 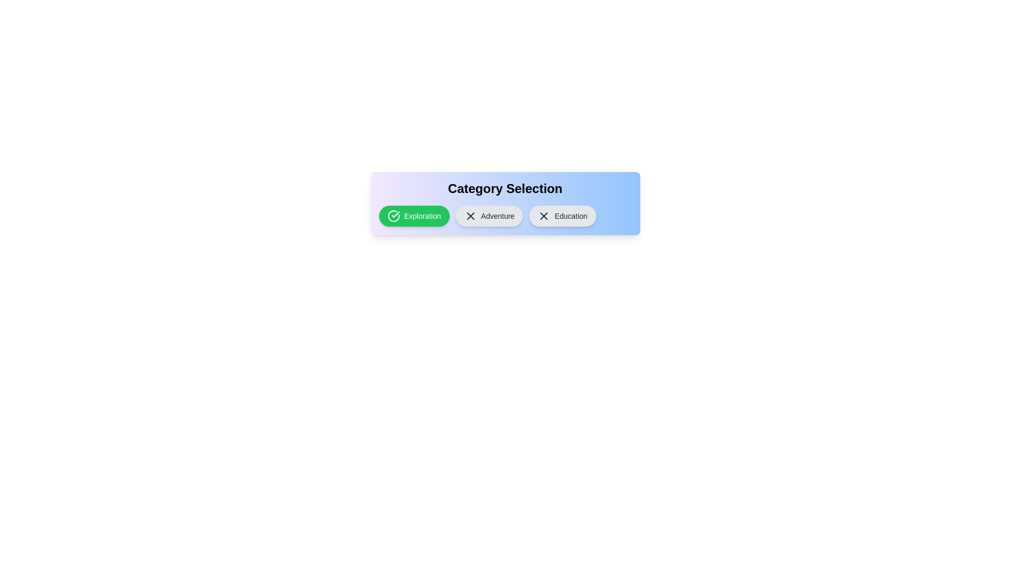 I want to click on the 'Education' category to select it, so click(x=562, y=216).